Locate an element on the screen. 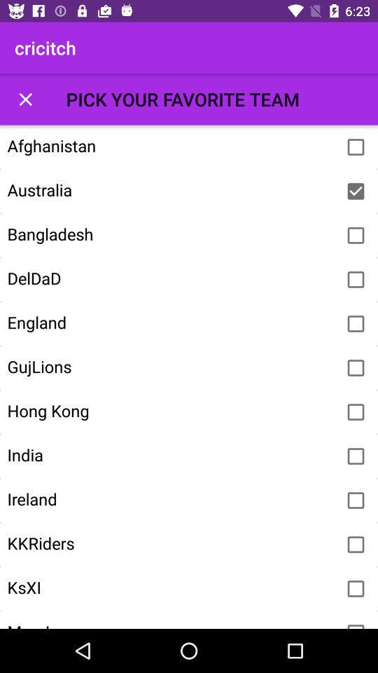 The image size is (378, 673). england is located at coordinates (356, 324).